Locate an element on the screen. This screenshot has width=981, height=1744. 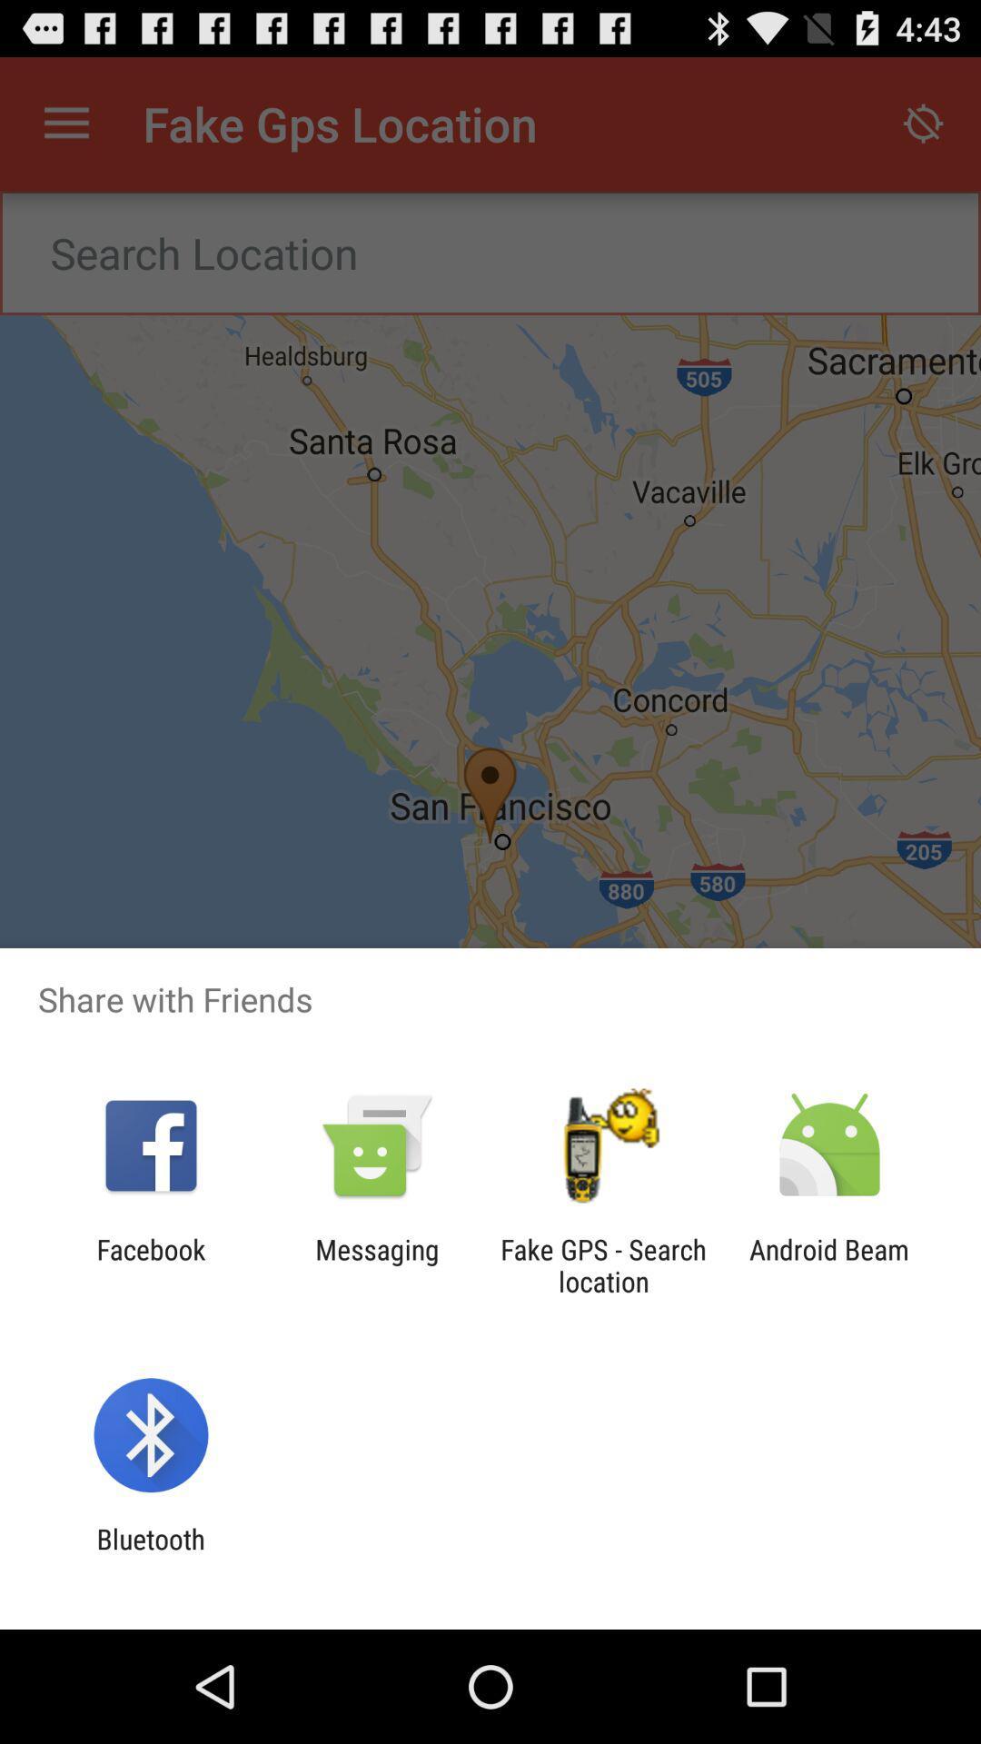
app to the left of the messaging item is located at coordinates (150, 1264).